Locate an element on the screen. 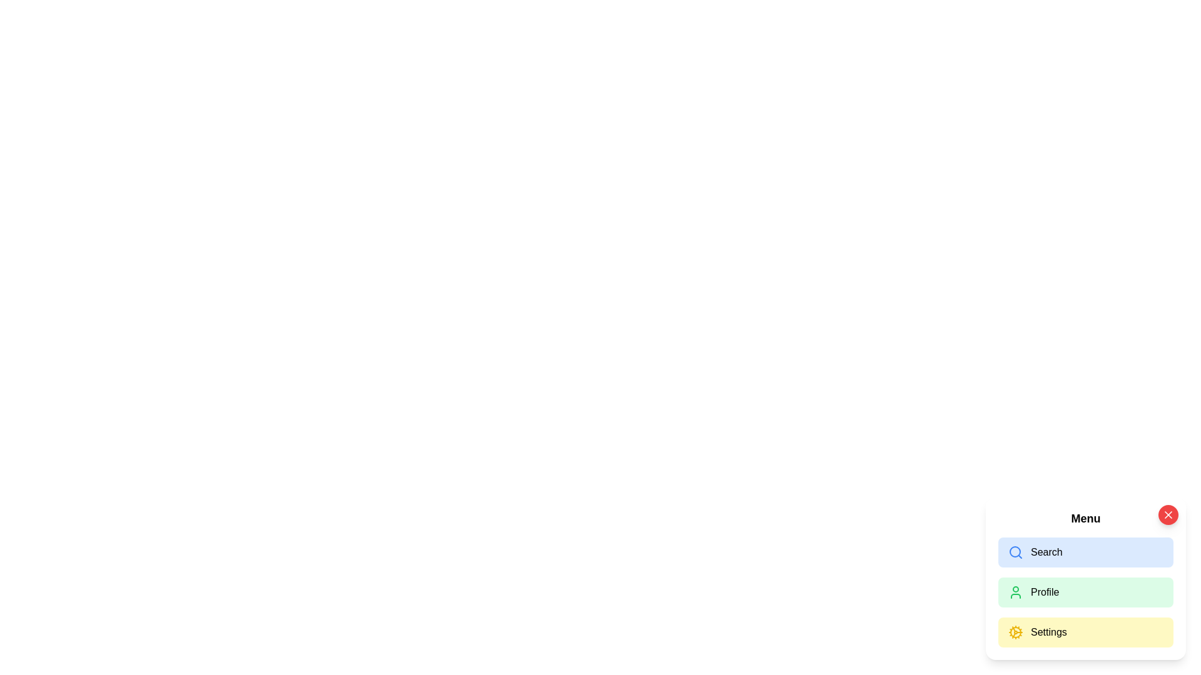 Image resolution: width=1201 pixels, height=675 pixels. the 'Profile' button, which is a rectangular button with a light green background and an icon of a user next to the text 'Profile' is located at coordinates (1085, 578).